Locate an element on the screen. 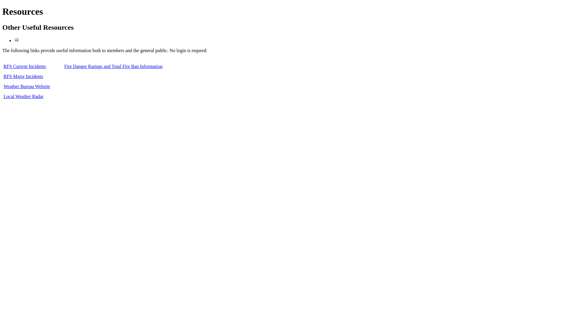 The height and width of the screenshot is (318, 566). 'RFS Current Incidents' is located at coordinates (24, 66).